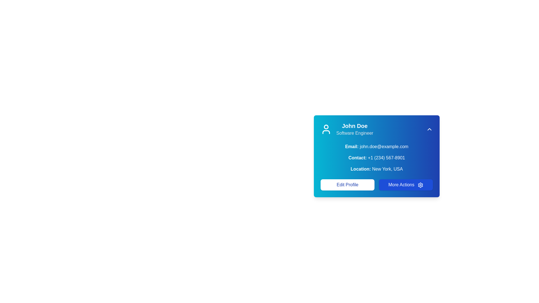 The image size is (539, 303). I want to click on the 'Location: New York, USA' text label, which is styled in white font color and is located below the 'Contact' field in the profile card, so click(377, 169).